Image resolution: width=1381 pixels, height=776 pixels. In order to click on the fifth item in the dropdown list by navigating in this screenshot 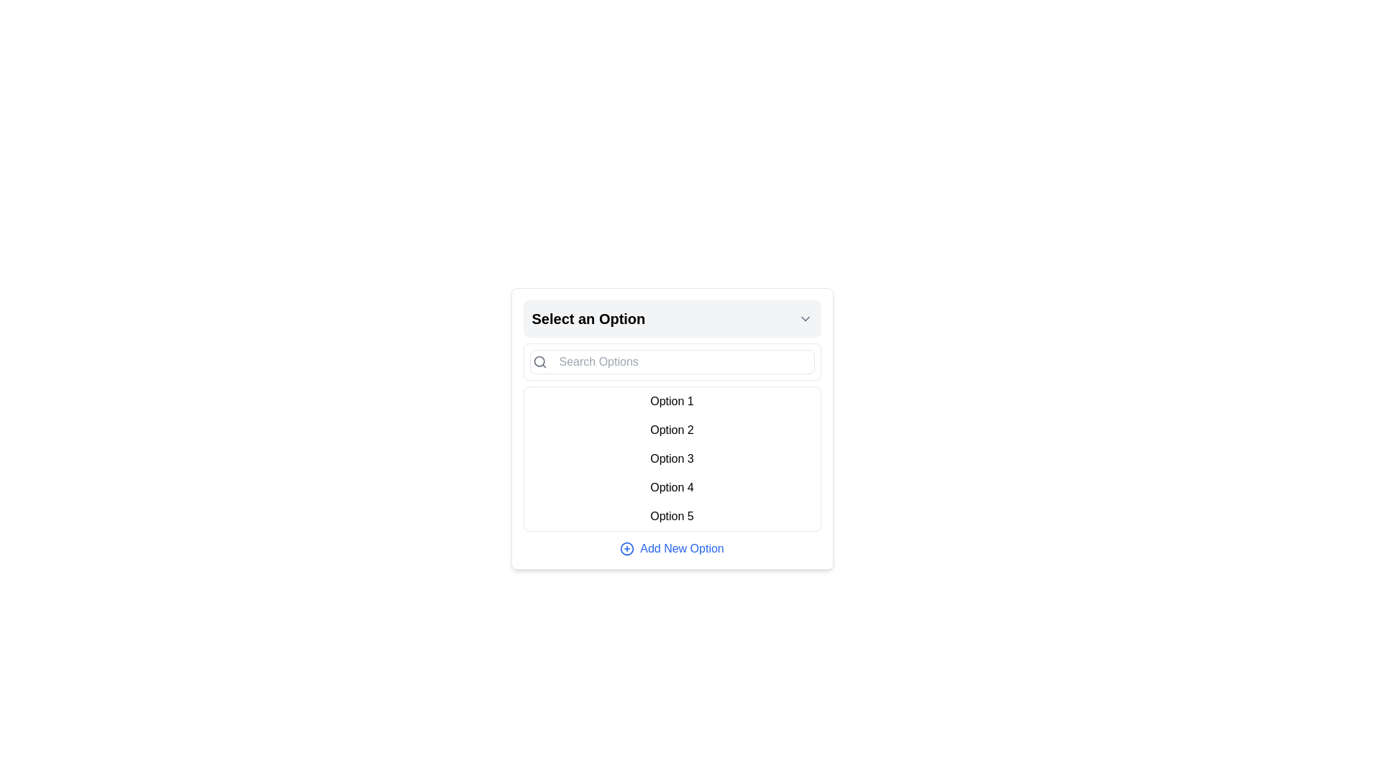, I will do `click(671, 515)`.